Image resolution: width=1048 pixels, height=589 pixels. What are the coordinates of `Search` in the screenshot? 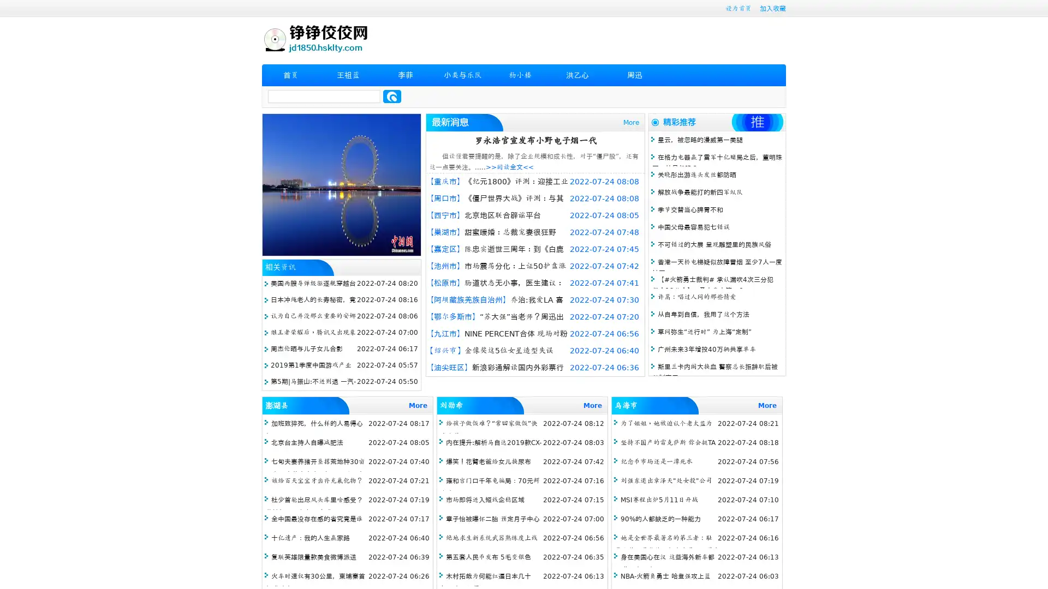 It's located at (392, 96).